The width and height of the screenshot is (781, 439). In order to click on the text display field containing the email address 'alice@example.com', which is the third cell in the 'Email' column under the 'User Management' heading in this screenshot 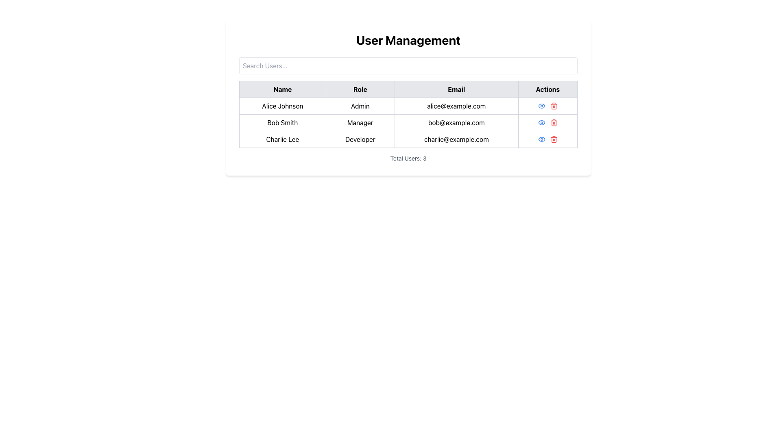, I will do `click(456, 106)`.